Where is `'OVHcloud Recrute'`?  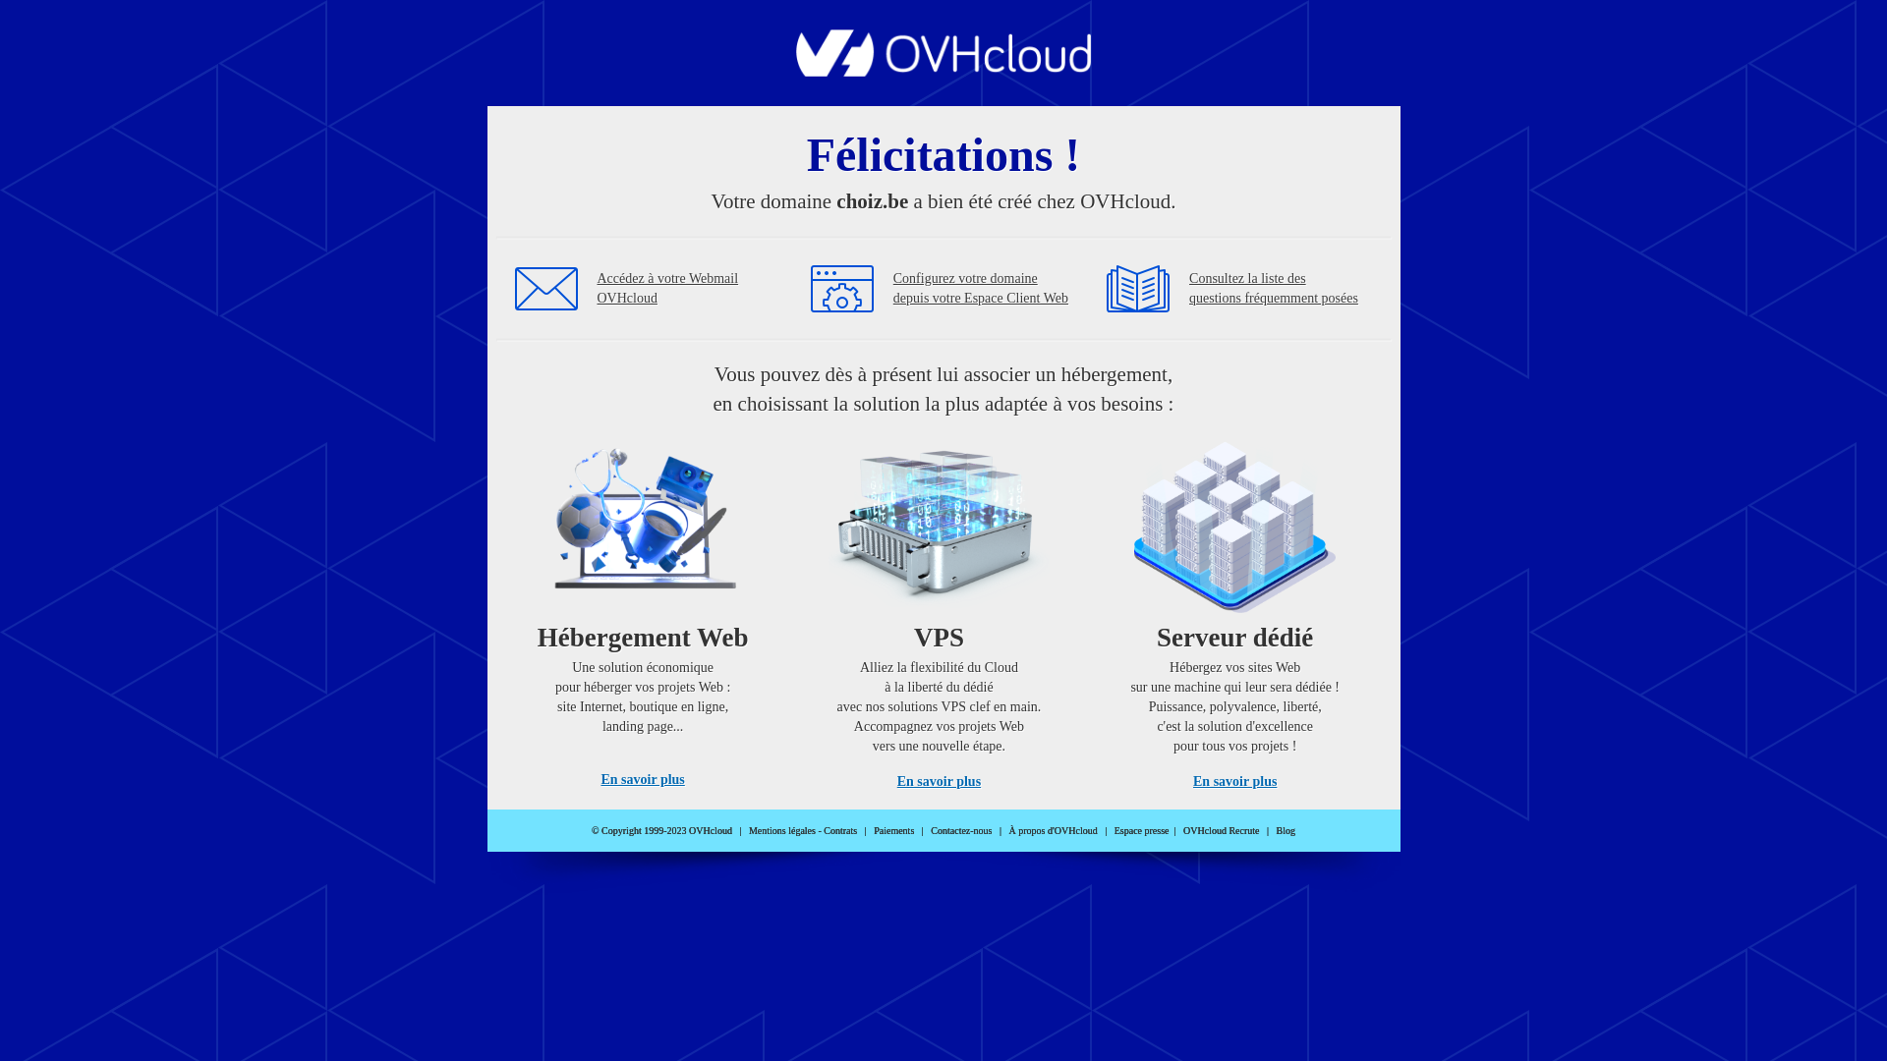
'OVHcloud Recrute' is located at coordinates (1220, 830).